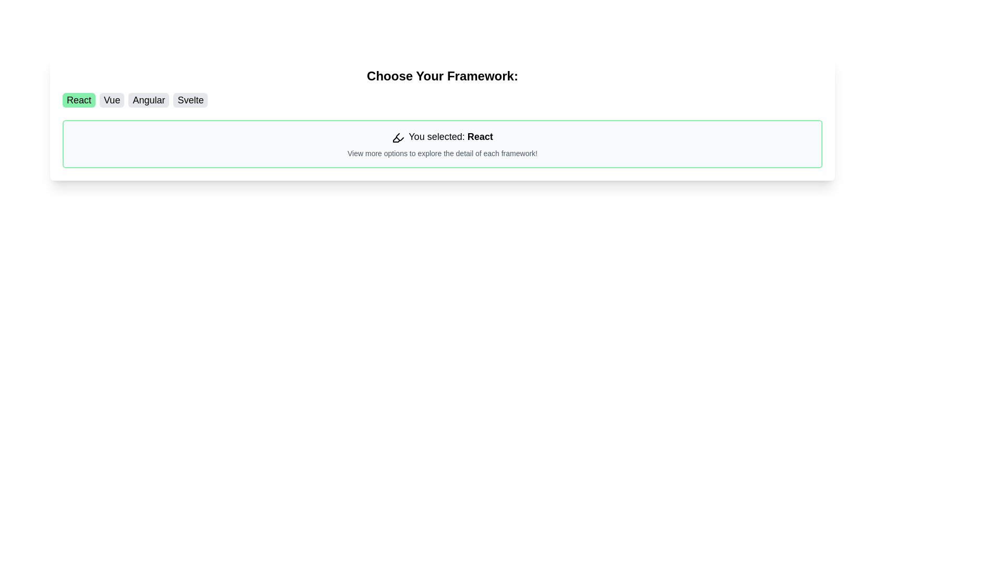  I want to click on the rounded rectangular button labeled 'Angular', so click(148, 100).